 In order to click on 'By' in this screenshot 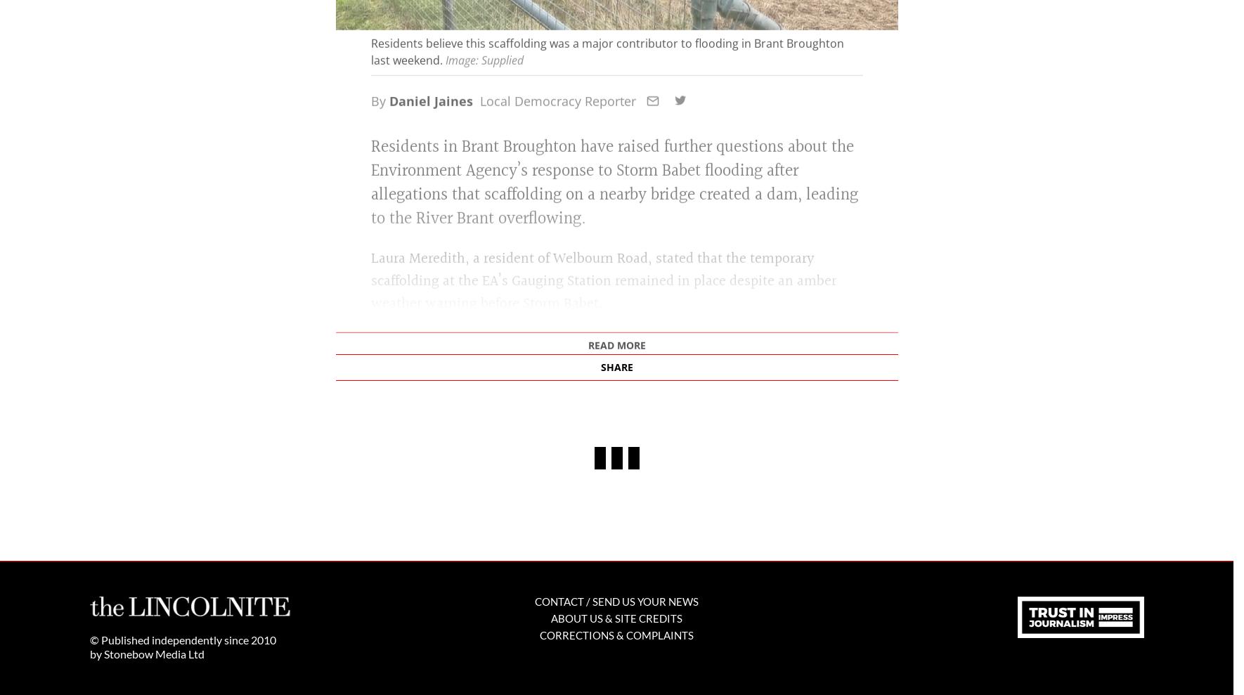, I will do `click(380, 315)`.